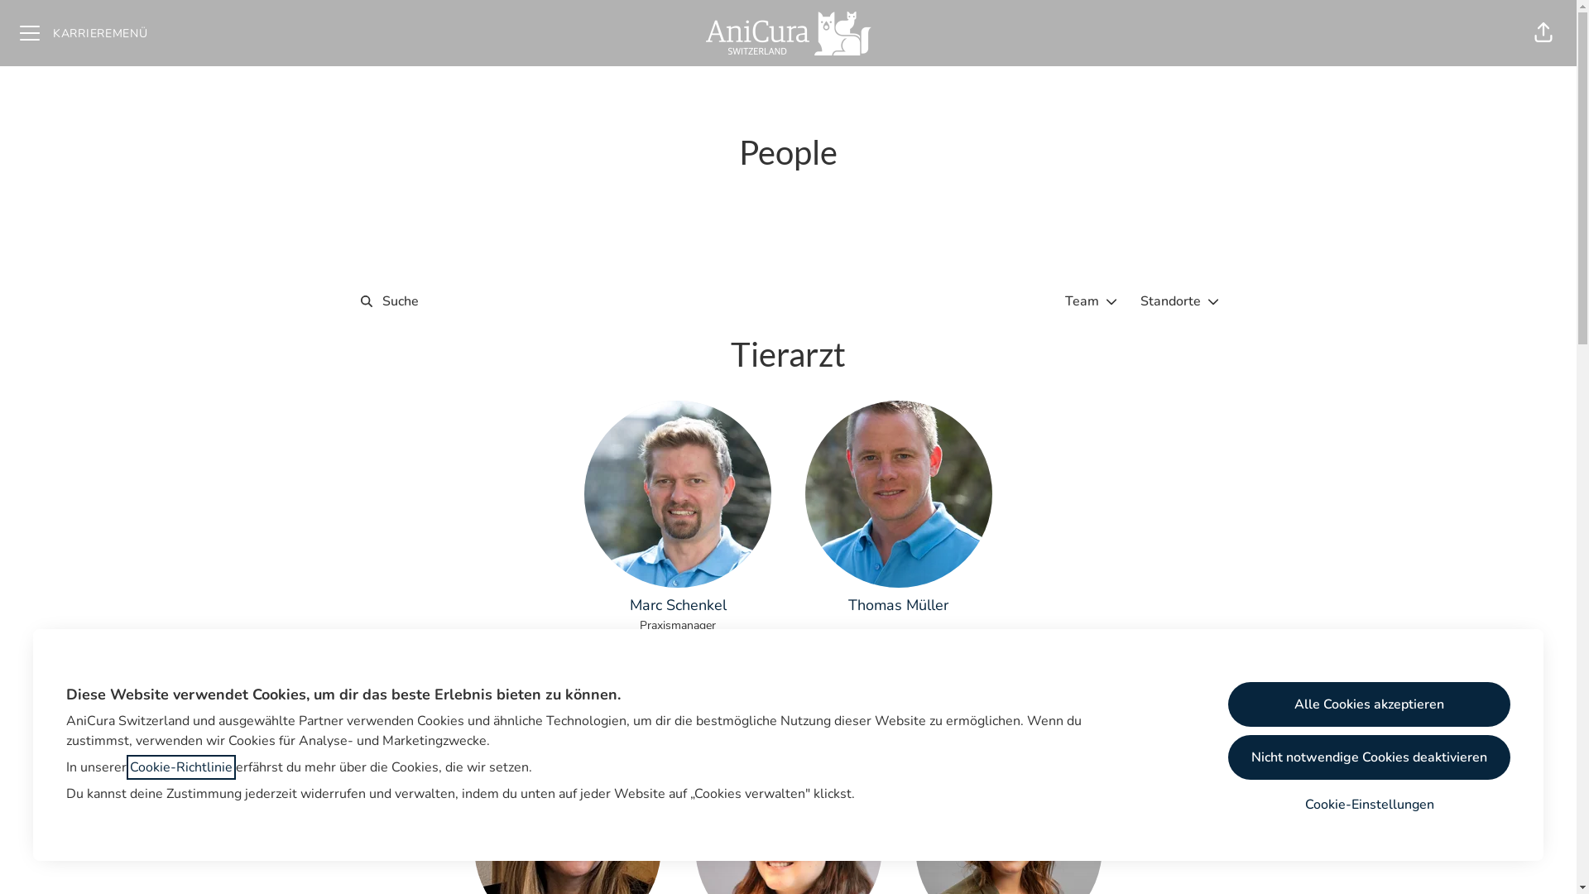 This screenshot has height=894, width=1589. Describe the element at coordinates (1369, 704) in the screenshot. I see `'Alle Cookies akzeptieren'` at that location.